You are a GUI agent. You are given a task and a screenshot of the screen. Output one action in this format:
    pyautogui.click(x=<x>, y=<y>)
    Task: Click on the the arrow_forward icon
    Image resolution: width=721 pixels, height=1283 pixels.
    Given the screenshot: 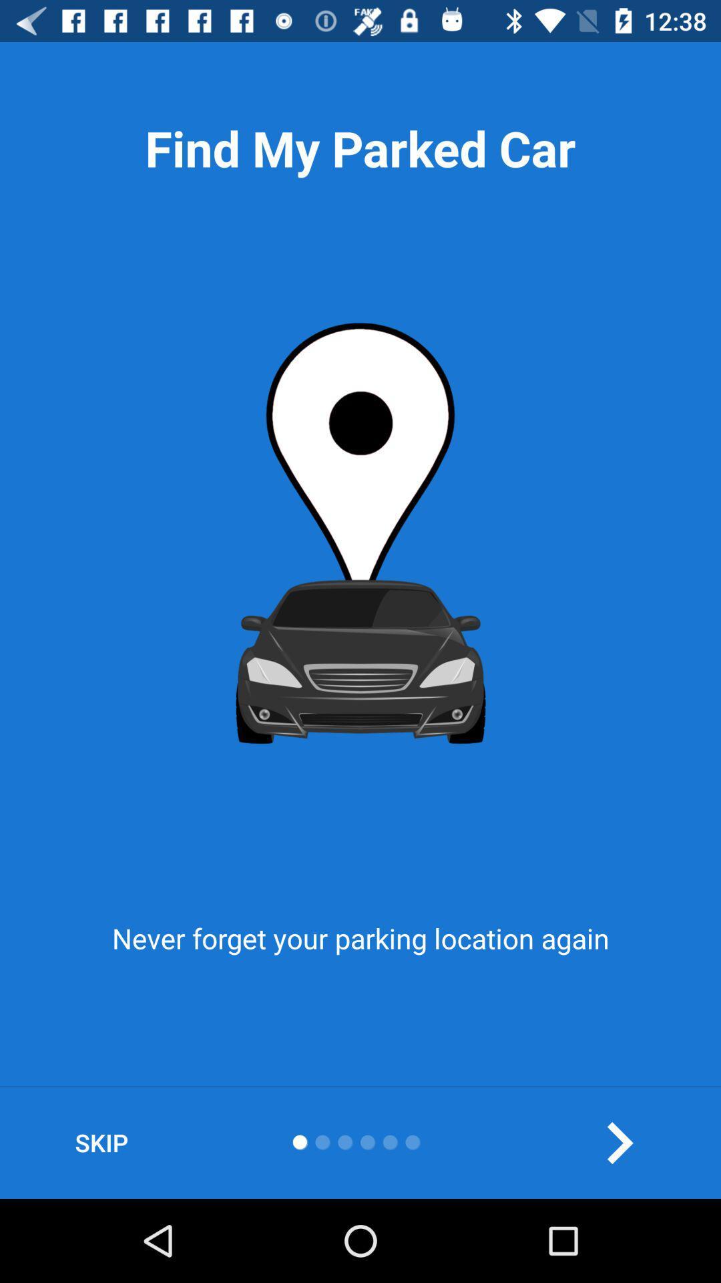 What is the action you would take?
    pyautogui.click(x=619, y=1142)
    